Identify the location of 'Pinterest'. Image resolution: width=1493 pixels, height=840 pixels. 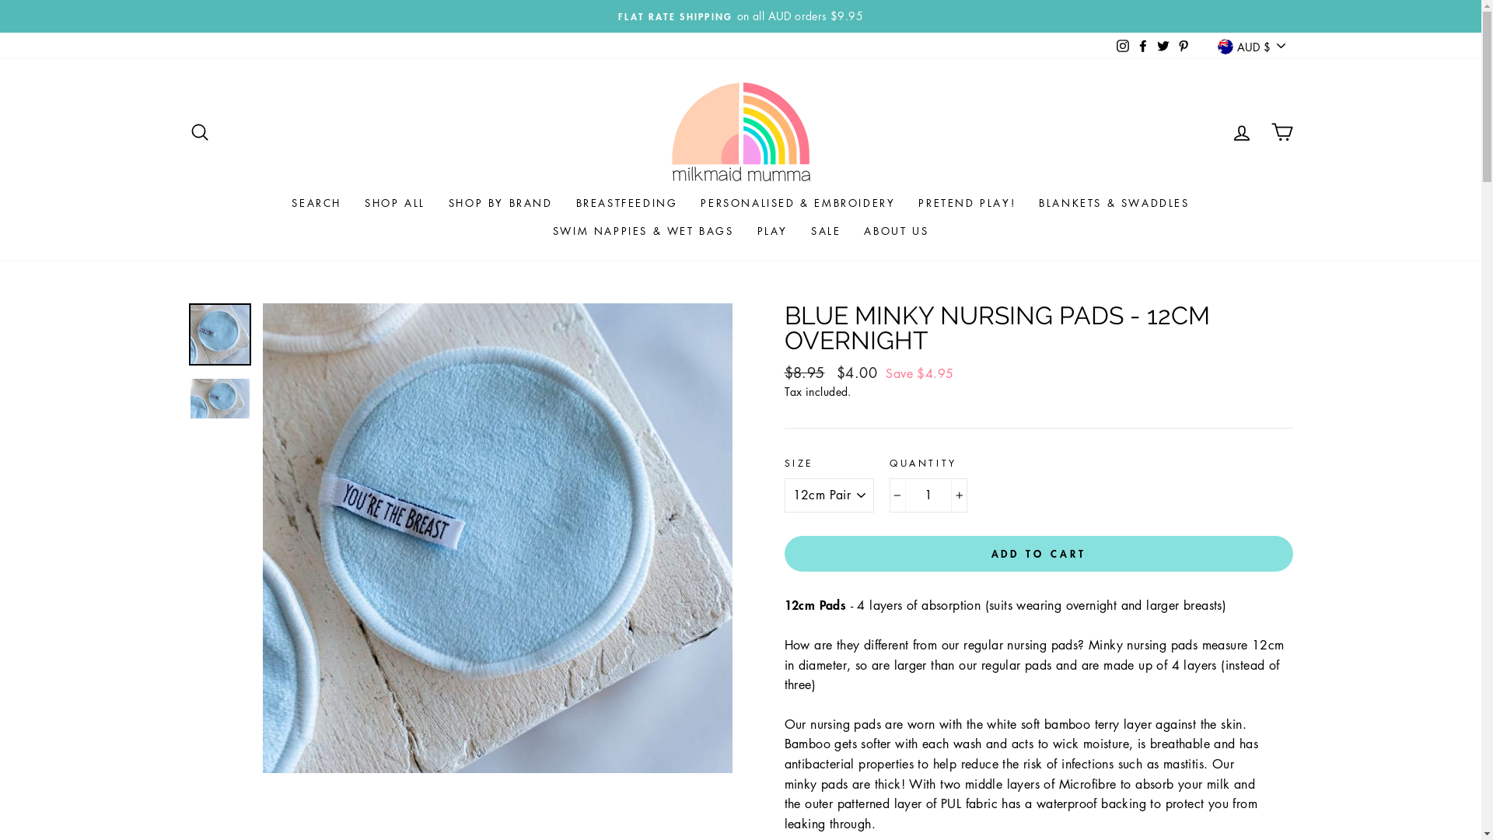
(1182, 44).